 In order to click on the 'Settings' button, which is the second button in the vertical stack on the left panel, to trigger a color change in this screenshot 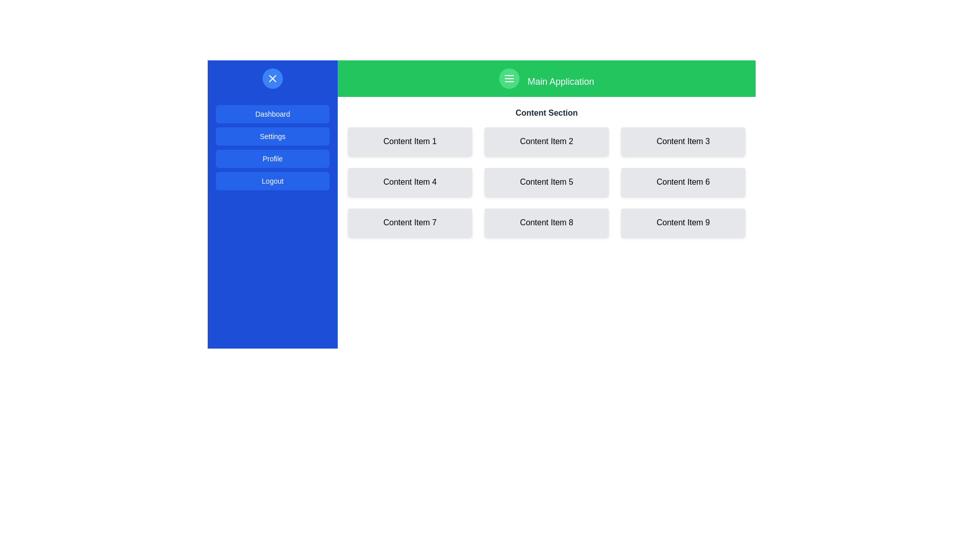, I will do `click(273, 136)`.